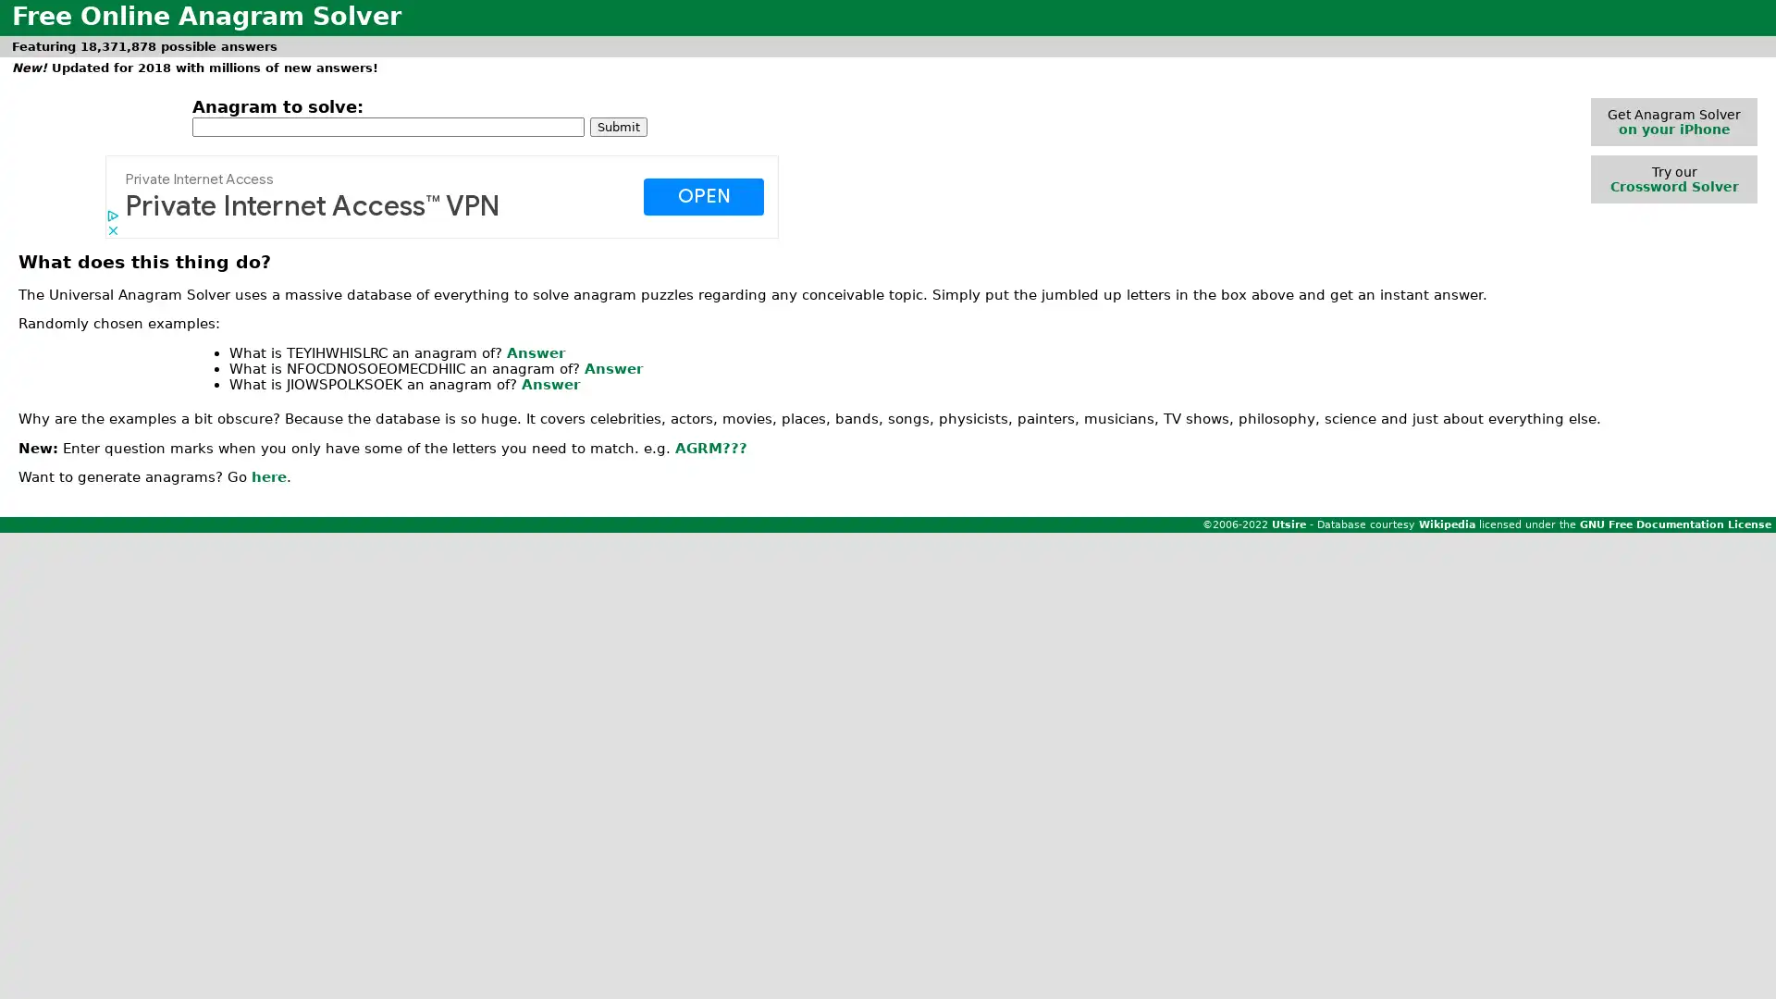 This screenshot has width=1776, height=999. I want to click on Submit, so click(618, 125).